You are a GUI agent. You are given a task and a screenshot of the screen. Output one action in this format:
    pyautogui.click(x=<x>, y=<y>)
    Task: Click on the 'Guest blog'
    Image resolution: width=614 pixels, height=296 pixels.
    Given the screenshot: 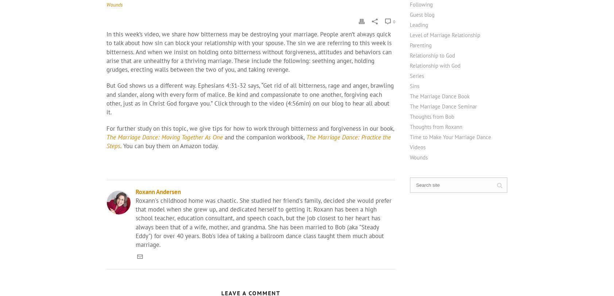 What is the action you would take?
    pyautogui.click(x=422, y=14)
    